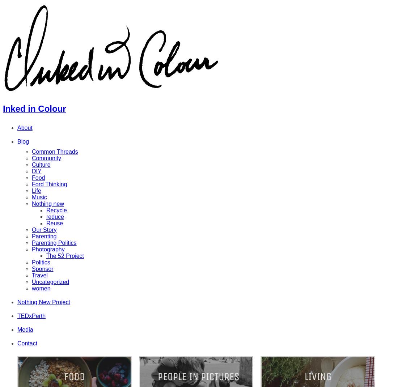 This screenshot has height=387, width=398. What do you see at coordinates (41, 164) in the screenshot?
I see `'Culture'` at bounding box center [41, 164].